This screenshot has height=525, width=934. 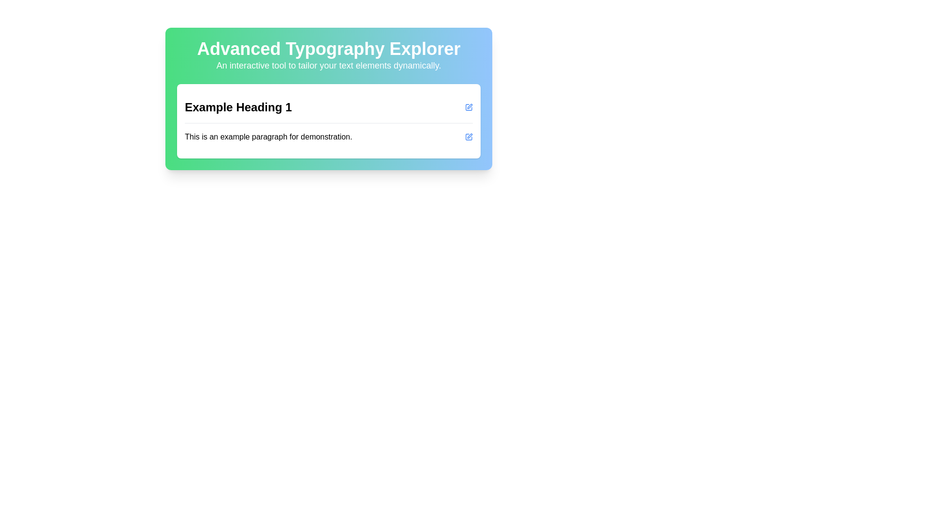 What do you see at coordinates (329, 137) in the screenshot?
I see `the text block that says 'This is an example paragraph for demonstration.' located under the heading 'Example Heading 1' within the card component` at bounding box center [329, 137].